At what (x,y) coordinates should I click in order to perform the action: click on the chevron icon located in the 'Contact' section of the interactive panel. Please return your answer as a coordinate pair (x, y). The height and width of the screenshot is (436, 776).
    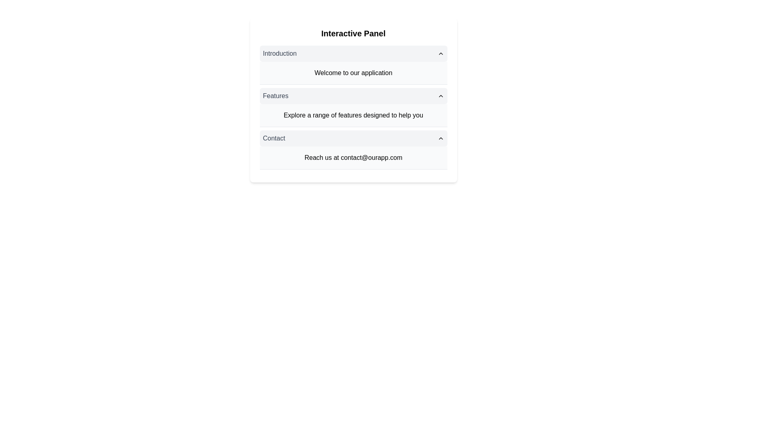
    Looking at the image, I should click on (440, 138).